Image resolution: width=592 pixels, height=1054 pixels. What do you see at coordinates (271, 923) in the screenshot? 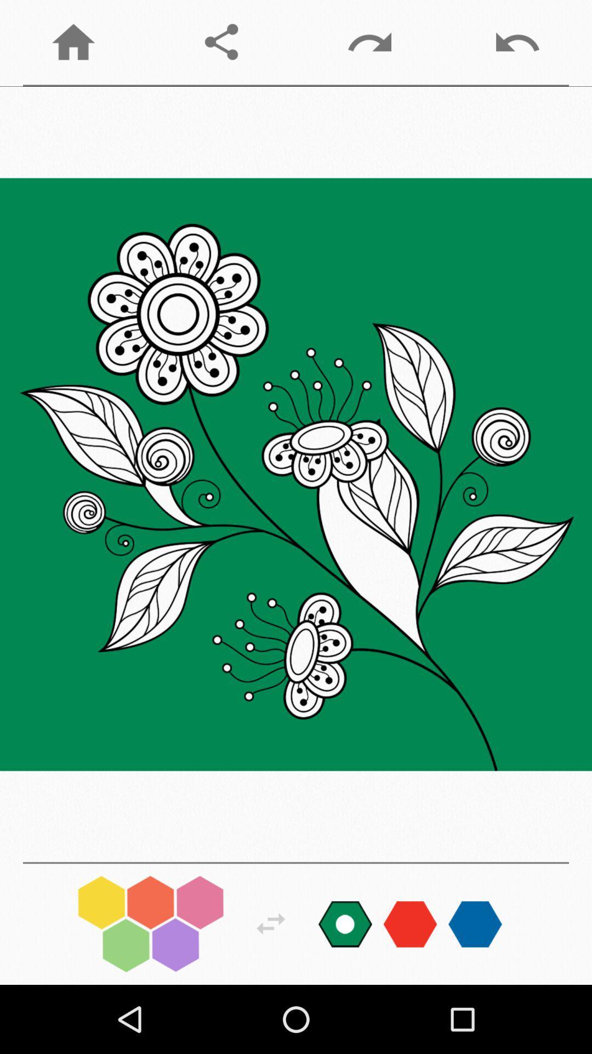
I see `change options` at bounding box center [271, 923].